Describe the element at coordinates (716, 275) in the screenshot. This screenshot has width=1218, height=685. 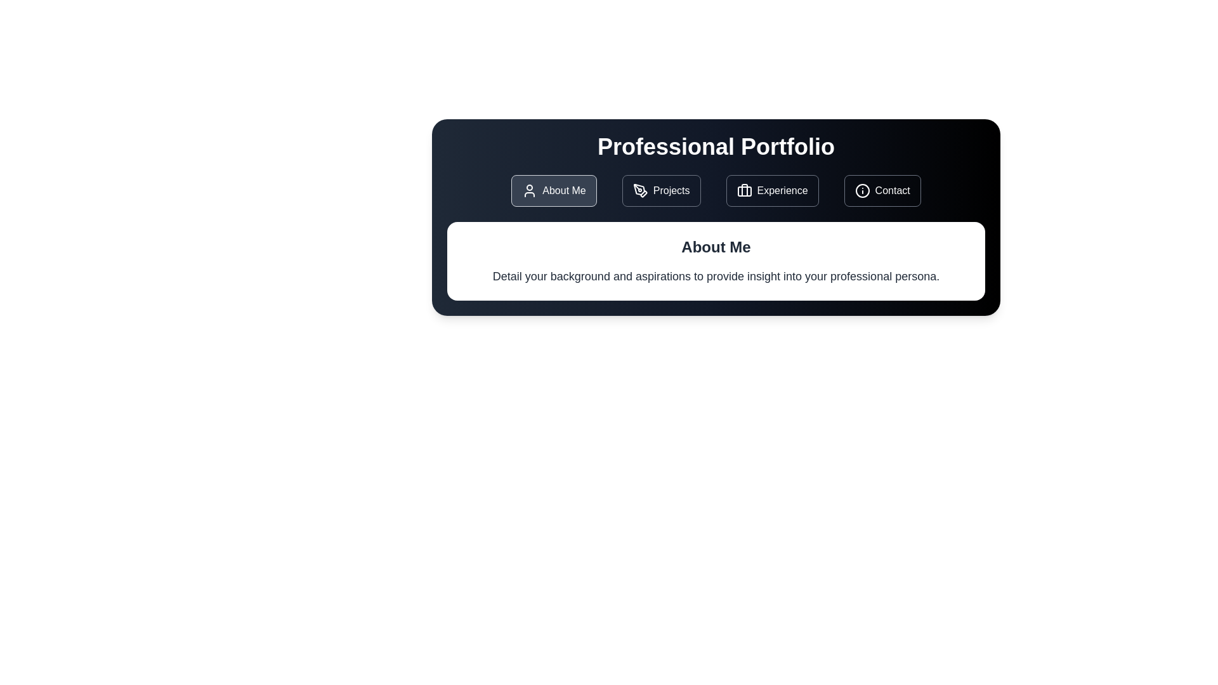
I see `the static text element in the 'About Me' section that provides descriptive information about the user's background and aspirations` at that location.